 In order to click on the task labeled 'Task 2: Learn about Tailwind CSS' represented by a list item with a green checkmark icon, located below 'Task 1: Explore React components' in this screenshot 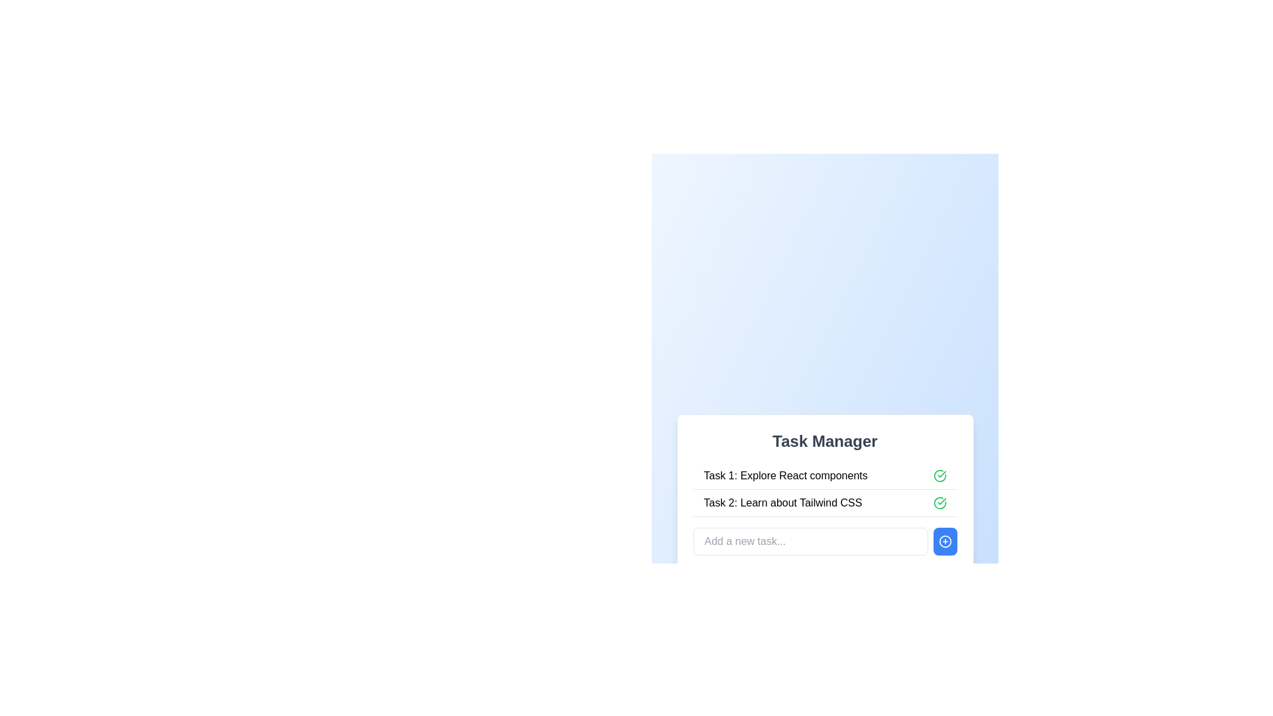, I will do `click(824, 503)`.